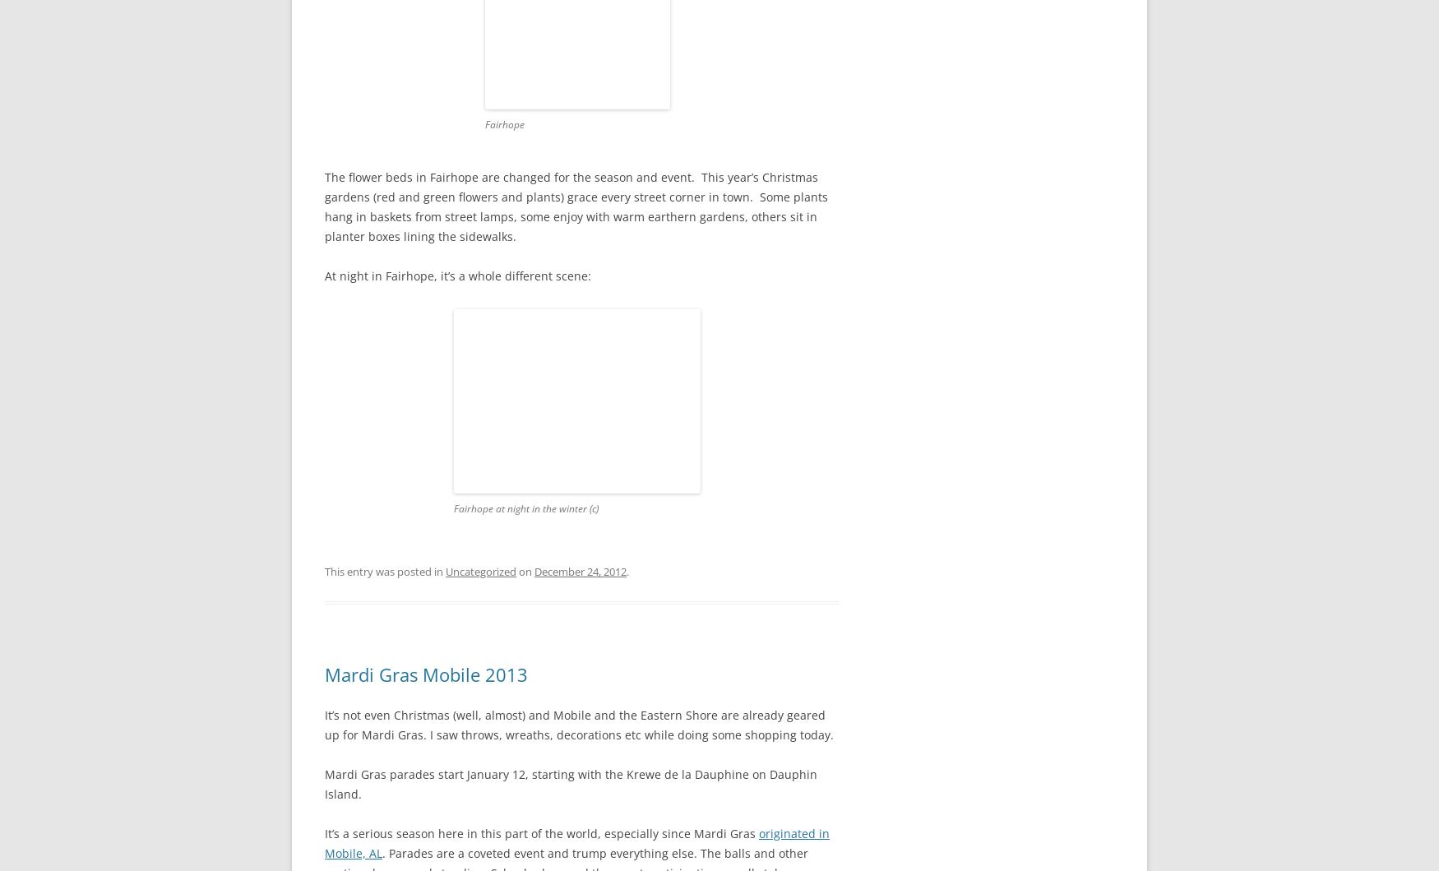  Describe the element at coordinates (323, 275) in the screenshot. I see `'At night in Fairhope, it’s a whole different scene:'` at that location.